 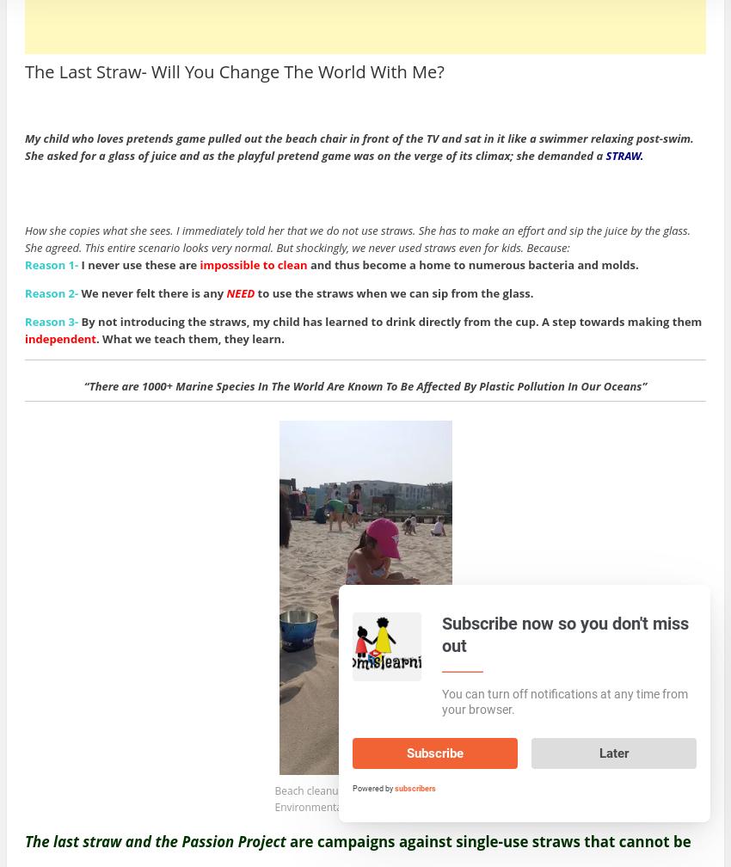 I want to click on 'Reason 3-', so click(x=52, y=320).